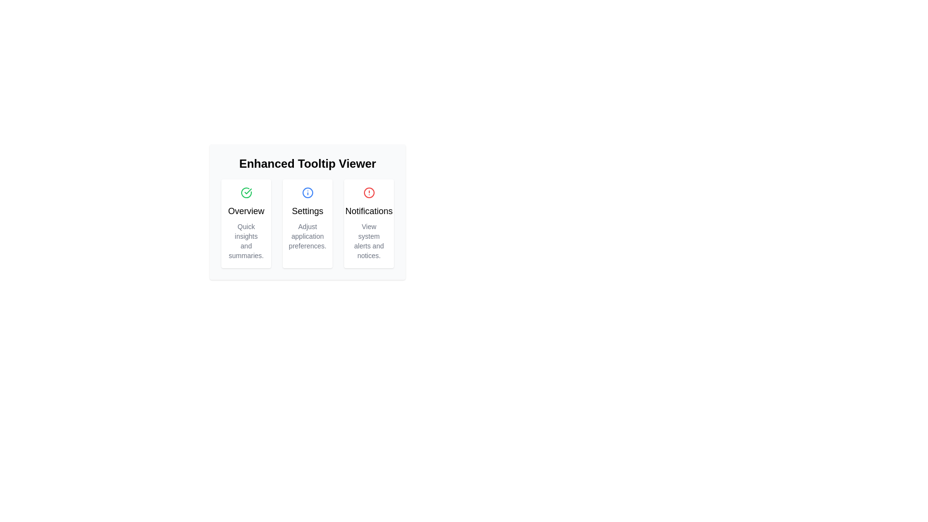 Image resolution: width=928 pixels, height=522 pixels. What do you see at coordinates (307, 236) in the screenshot?
I see `text content of the light gray text block that says 'Adjust application preferences.' located within the 'Settings' card` at bounding box center [307, 236].